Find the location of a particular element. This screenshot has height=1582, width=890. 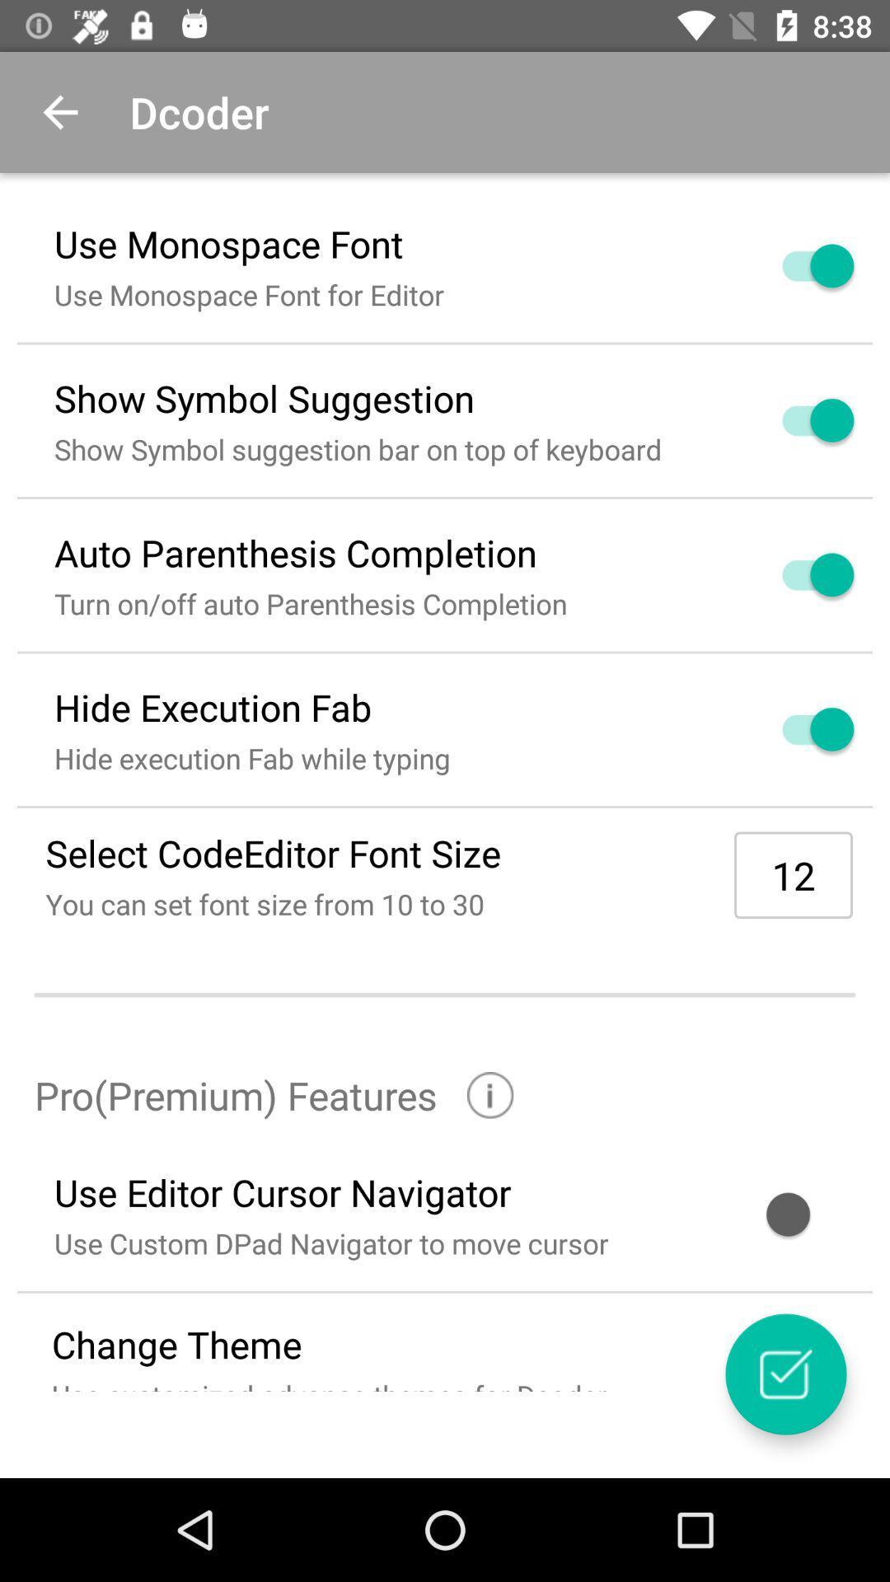

icon to the right of the select codeeditor font item is located at coordinates (793, 874).